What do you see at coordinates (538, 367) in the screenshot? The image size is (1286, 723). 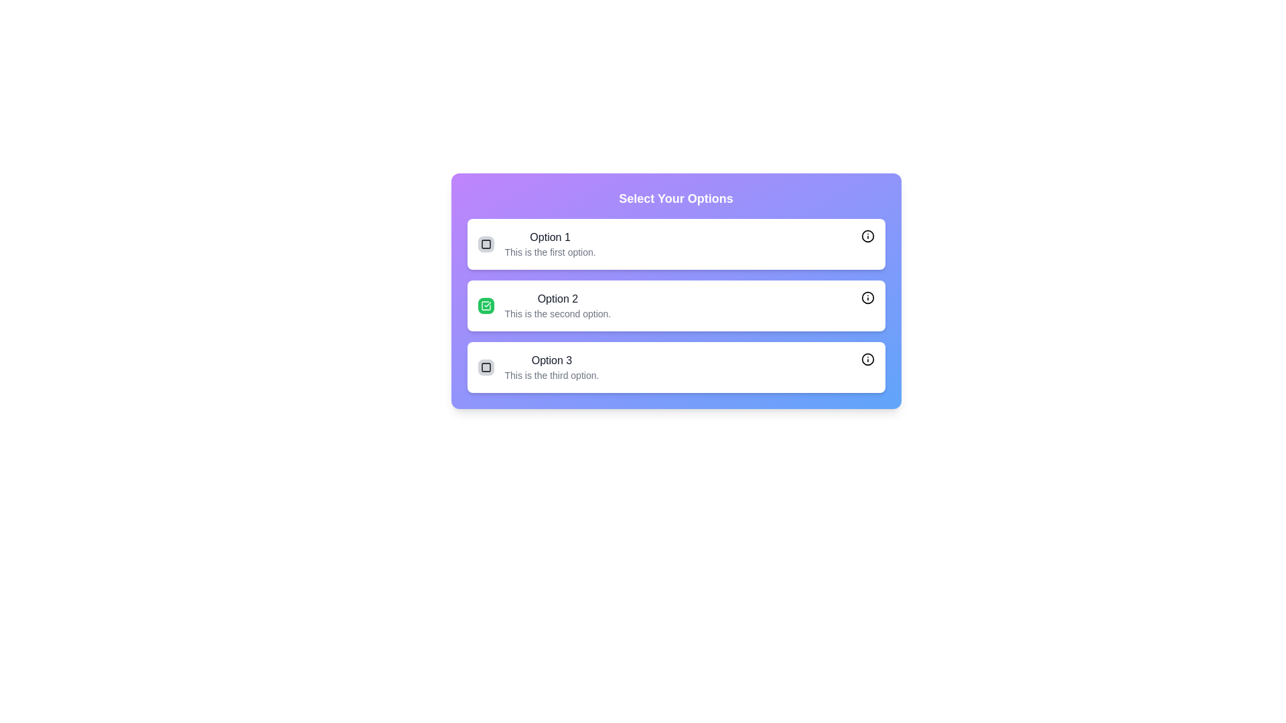 I see `the 'Option 3' label, which is a selectable option with a checkbox, to focus on the option details` at bounding box center [538, 367].